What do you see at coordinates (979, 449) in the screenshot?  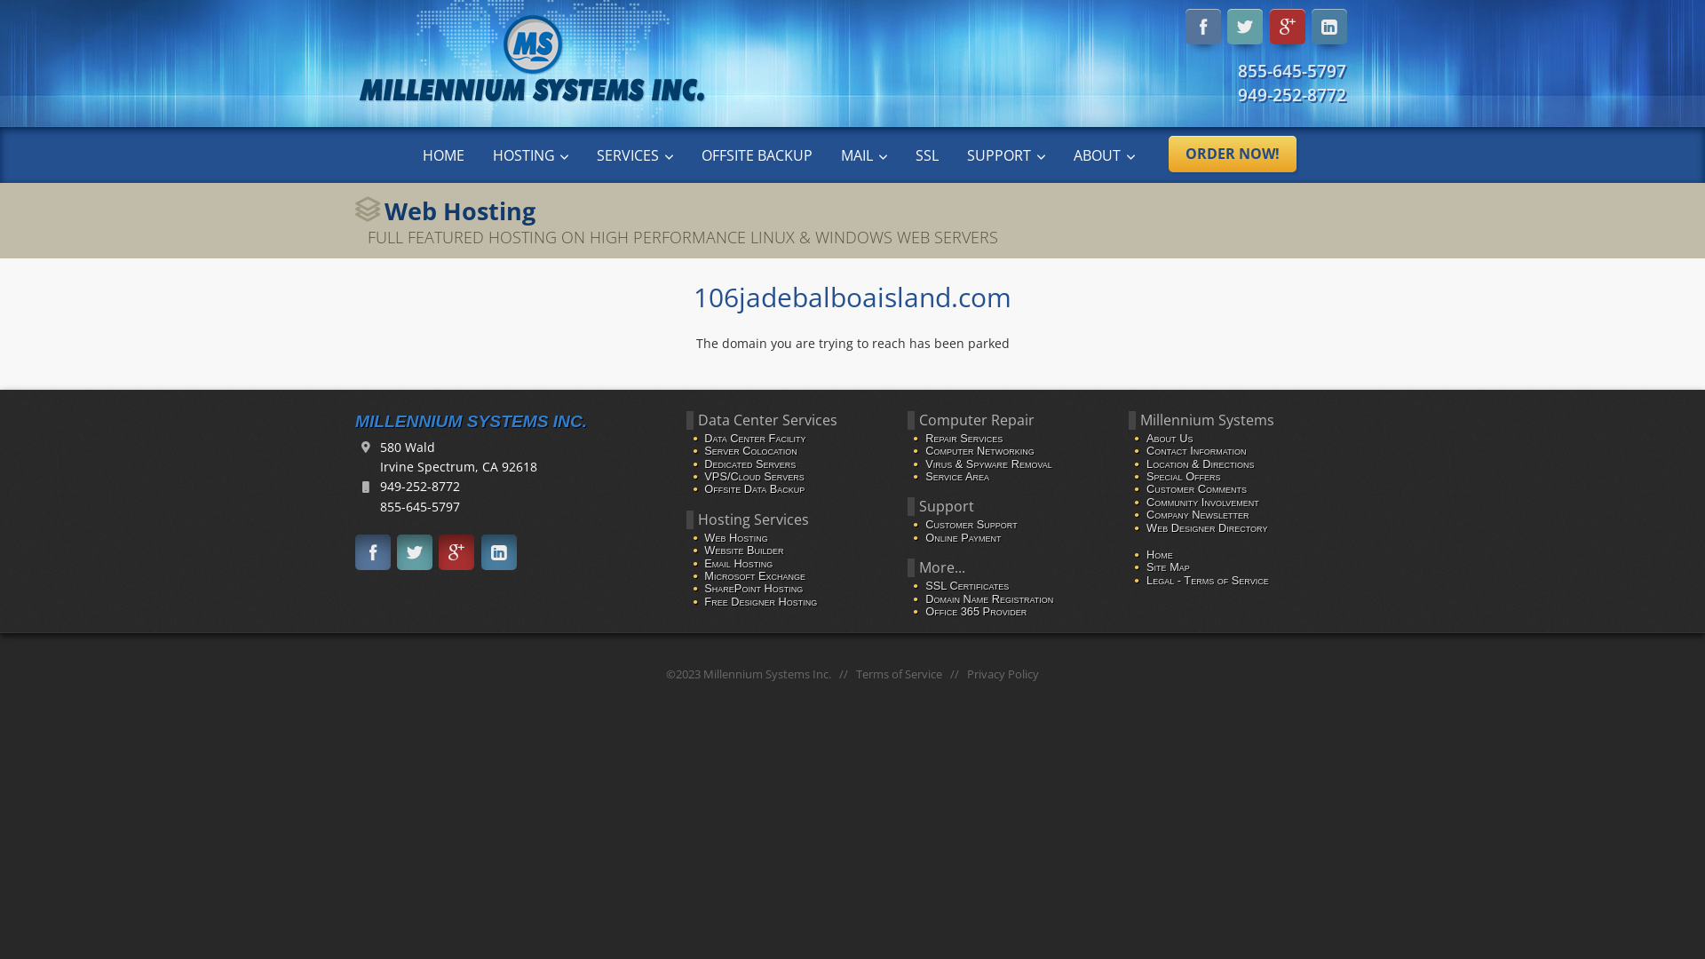 I see `'Computer Networking'` at bounding box center [979, 449].